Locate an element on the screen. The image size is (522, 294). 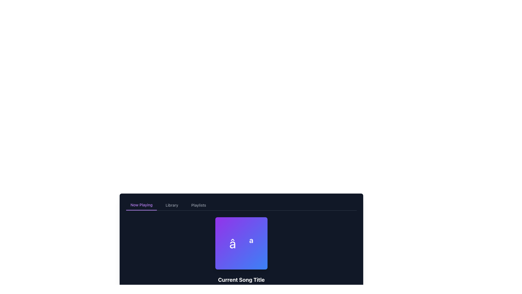
the navigation button that allows users is located at coordinates (141, 205).